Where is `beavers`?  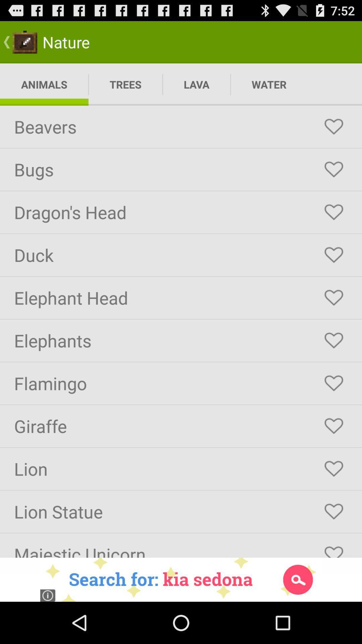
beavers is located at coordinates (334, 127).